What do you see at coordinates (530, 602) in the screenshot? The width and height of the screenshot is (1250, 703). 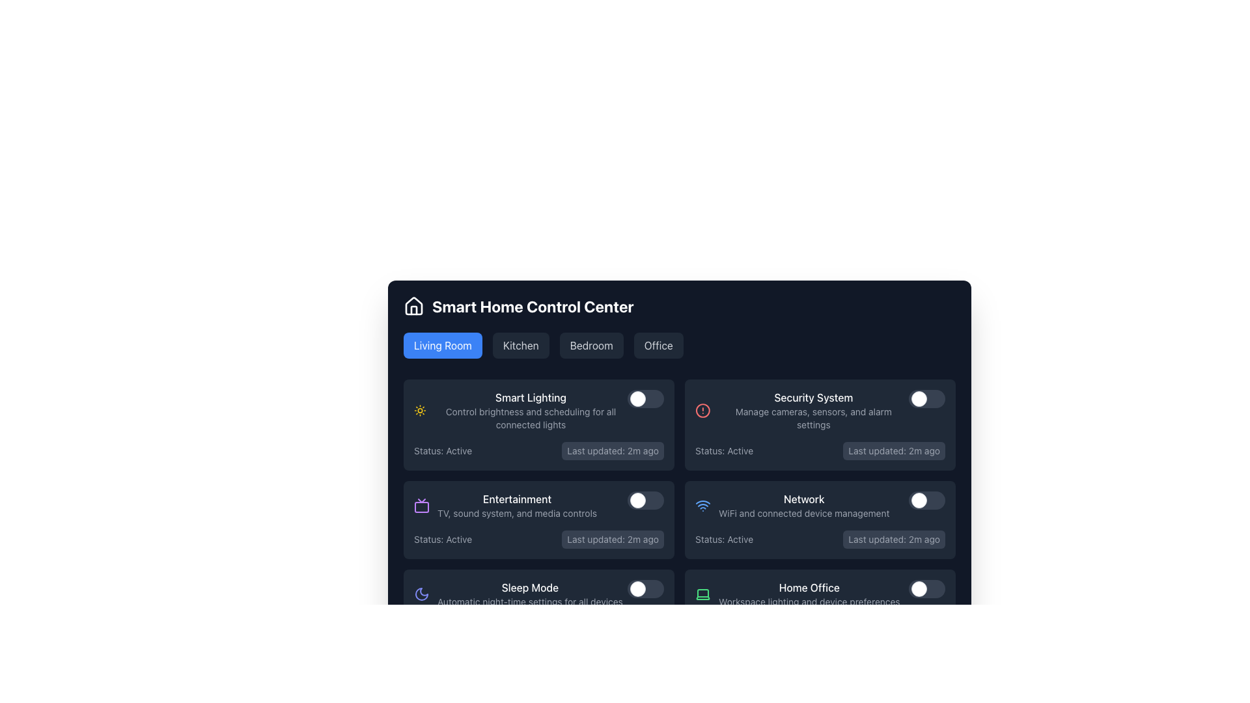 I see `the static text label displaying 'Automatic night-time settings for all devices', which is located below the 'Sleep Mode' label in the smart home control settings panel` at bounding box center [530, 602].